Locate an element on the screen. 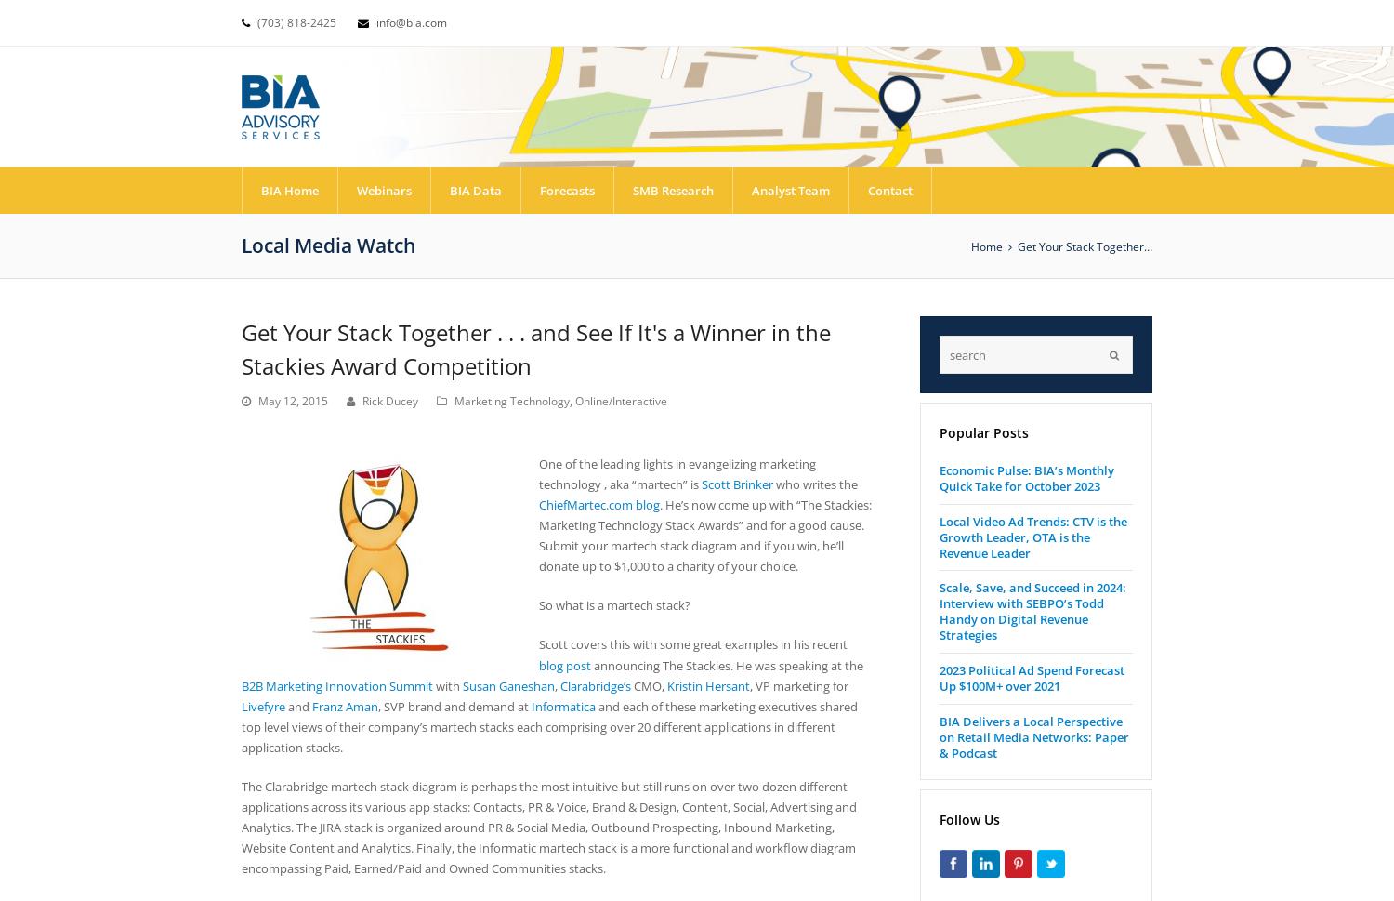 The height and width of the screenshot is (901, 1394). 'Scott covers this with some great examples in his recent' is located at coordinates (691, 643).